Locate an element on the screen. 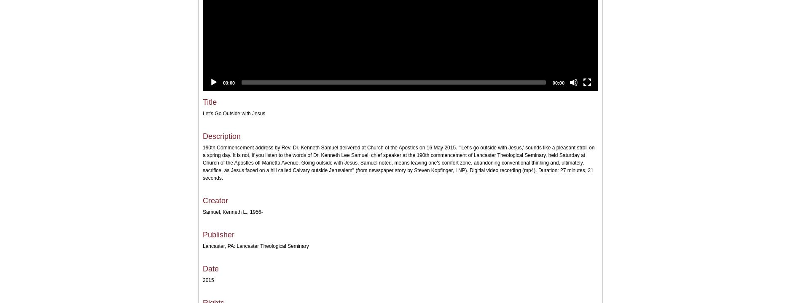  '190th Commencement address by Rev. Dr. Kenneth Samuel delivered at Church of the Apostles on 16 May 2015. "'Let's go outside with Jesus,' sounds like a pleasant stroll on a spring day. It is not, if you listen to the words of Dr. Kenneth Lee Samuel, chief speaker at the 190th commencement of Lancaster Theological Seminary, held Saturday at Church of the Apostles off Marietta Avenue. Going outside with Jesus, Samuel noted, means leaving one's comfort zone, abandoning conventional thinking and, ultimately, sacrifice, as Jesus faced on a hill called Calvary outside Jerusalem" (from newspaper story by Steven Kopfinger, LNP). Digitial video recording (mp4). Duration: 27 minutes, 31 seconds.' is located at coordinates (398, 163).